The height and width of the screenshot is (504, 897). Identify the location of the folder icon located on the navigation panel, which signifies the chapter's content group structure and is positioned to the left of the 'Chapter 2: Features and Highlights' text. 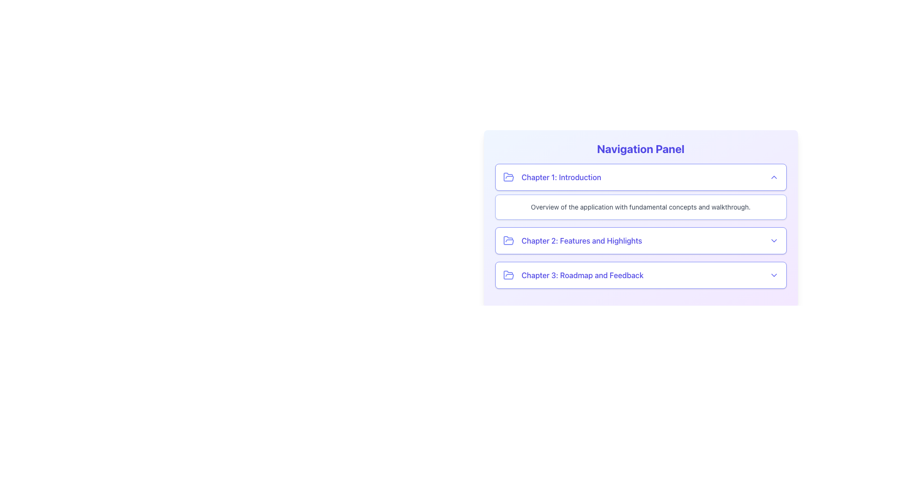
(508, 240).